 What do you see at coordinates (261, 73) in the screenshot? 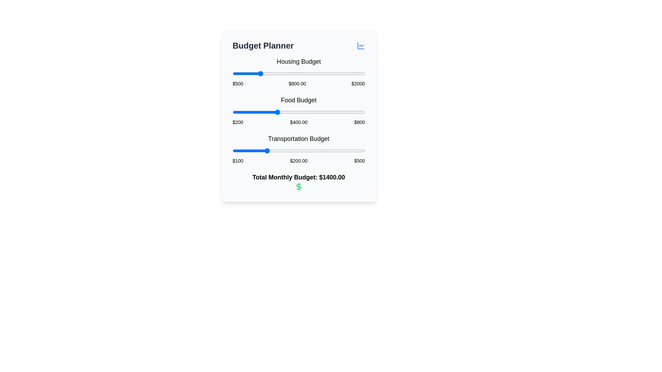
I see `the housing budget slider` at bounding box center [261, 73].